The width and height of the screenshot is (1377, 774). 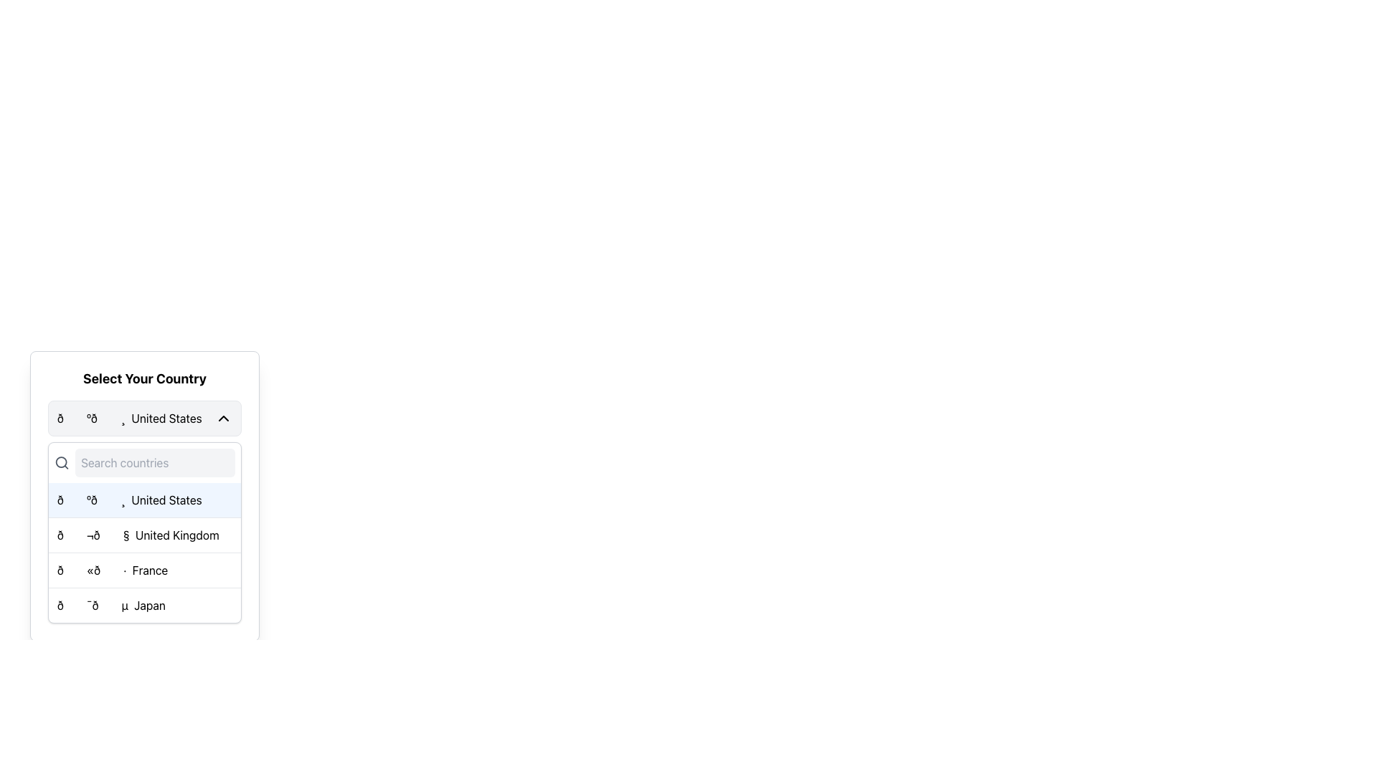 I want to click on the country flag icon representing 'France' in the third row of the 'Select Your Country' list, so click(x=91, y=569).